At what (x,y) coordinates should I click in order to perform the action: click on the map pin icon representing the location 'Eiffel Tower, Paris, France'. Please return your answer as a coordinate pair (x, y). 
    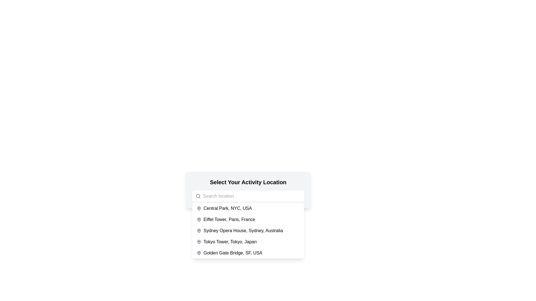
    Looking at the image, I should click on (199, 219).